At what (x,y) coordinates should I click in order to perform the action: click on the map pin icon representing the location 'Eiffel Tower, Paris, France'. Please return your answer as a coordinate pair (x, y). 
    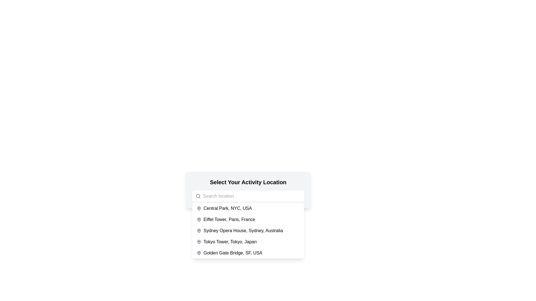
    Looking at the image, I should click on (199, 219).